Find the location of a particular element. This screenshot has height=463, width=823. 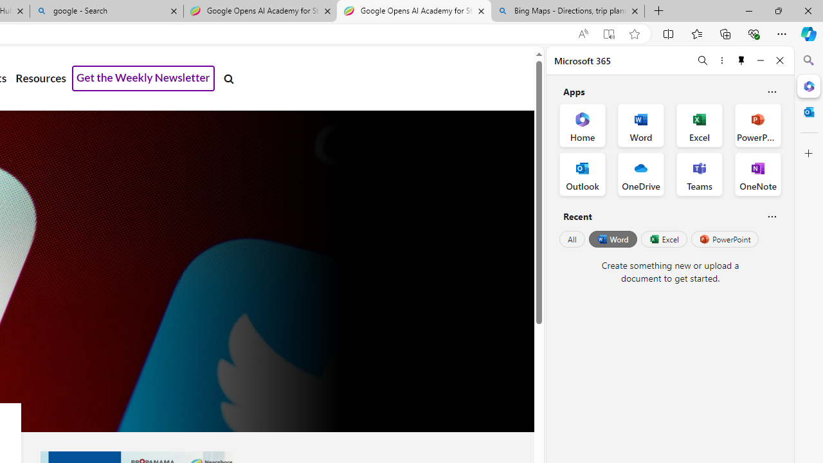

'More options' is located at coordinates (721, 60).